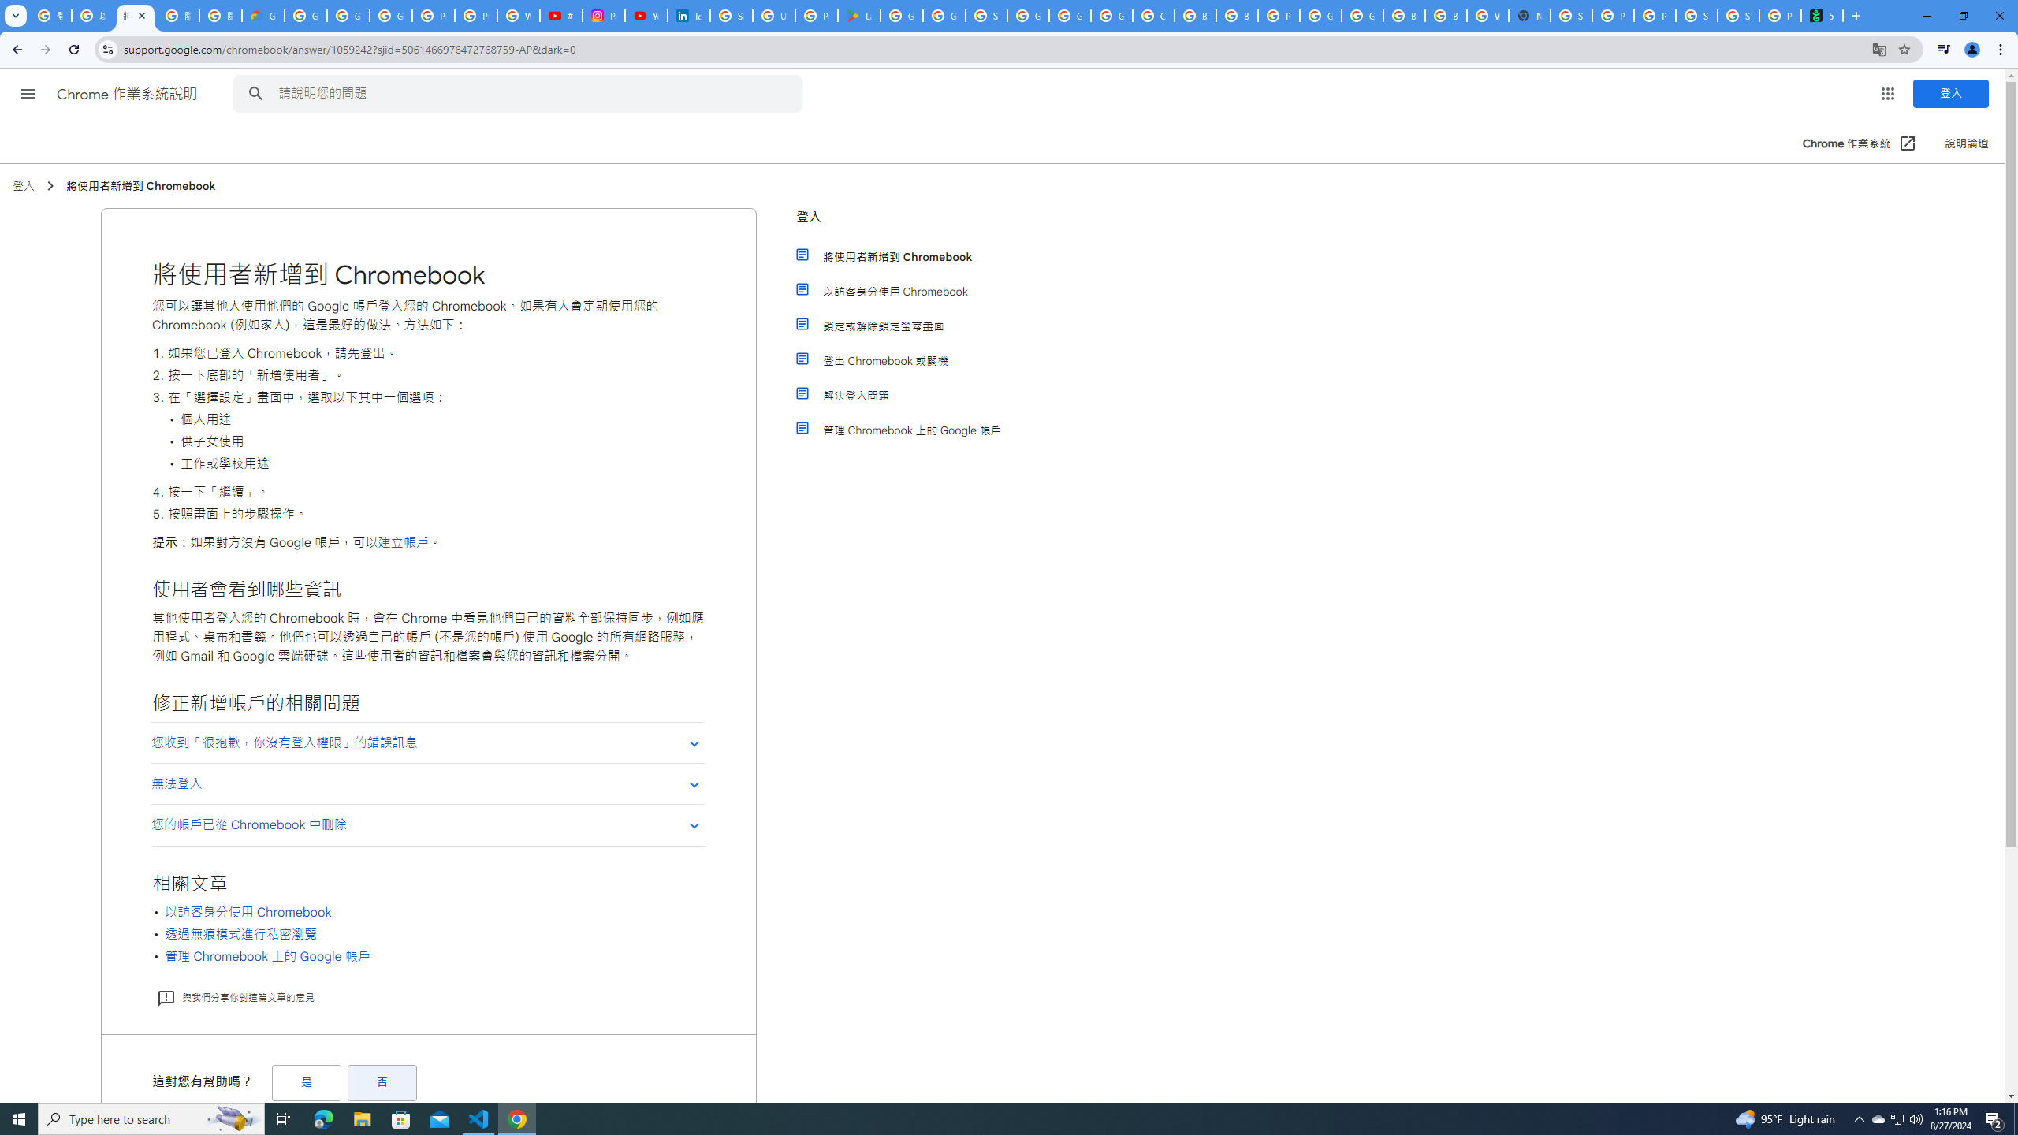 This screenshot has width=2018, height=1135. What do you see at coordinates (858, 15) in the screenshot?
I see `'Last Shelter: Survival - Apps on Google Play'` at bounding box center [858, 15].